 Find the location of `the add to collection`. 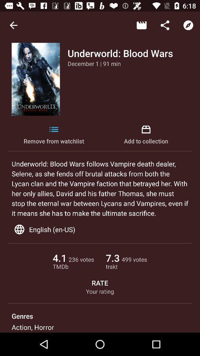

the add to collection is located at coordinates (146, 135).